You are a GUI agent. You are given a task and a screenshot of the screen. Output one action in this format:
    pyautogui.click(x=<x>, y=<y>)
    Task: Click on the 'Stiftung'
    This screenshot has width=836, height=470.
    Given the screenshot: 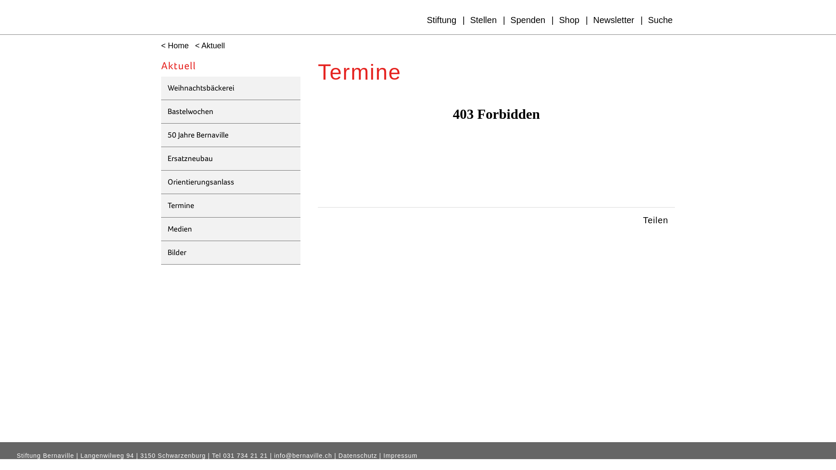 What is the action you would take?
    pyautogui.click(x=441, y=20)
    